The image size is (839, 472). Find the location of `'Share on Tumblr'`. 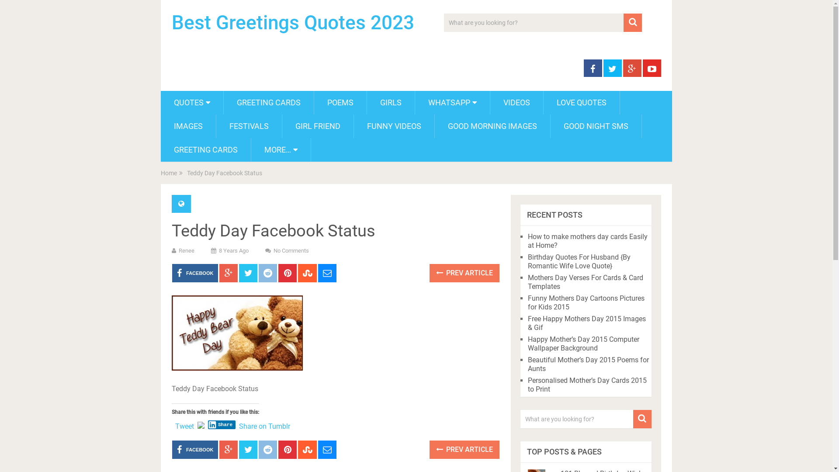

'Share on Tumblr' is located at coordinates (264, 424).